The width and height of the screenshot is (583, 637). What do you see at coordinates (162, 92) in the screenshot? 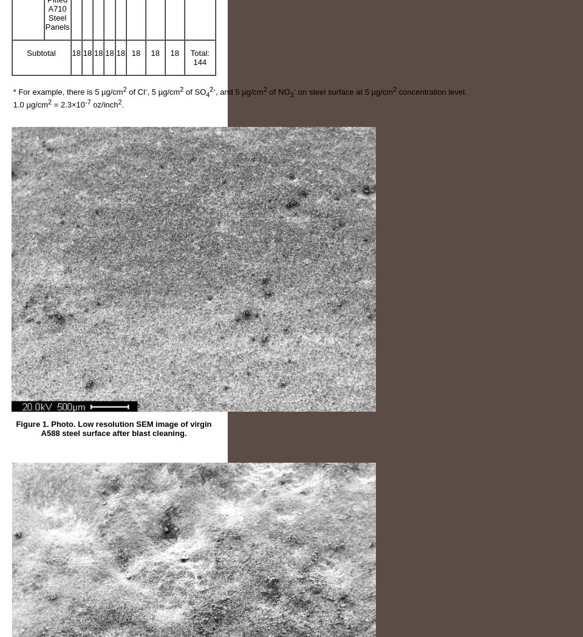
I see `', 5 µg/cm'` at bounding box center [162, 92].